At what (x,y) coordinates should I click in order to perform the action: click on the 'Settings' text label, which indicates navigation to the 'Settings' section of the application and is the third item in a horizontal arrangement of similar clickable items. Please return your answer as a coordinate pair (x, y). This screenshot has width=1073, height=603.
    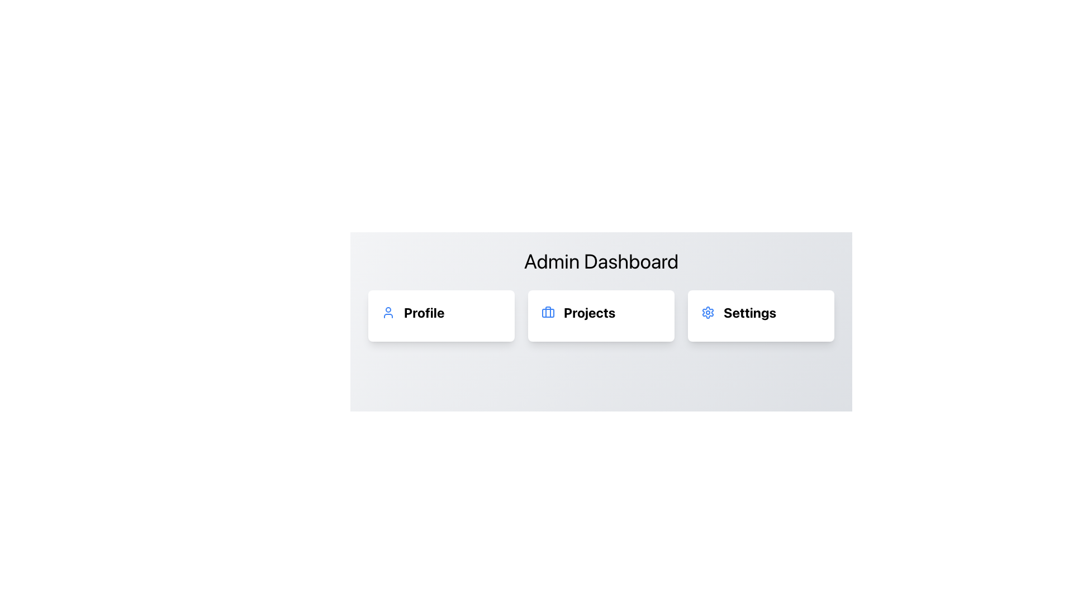
    Looking at the image, I should click on (750, 312).